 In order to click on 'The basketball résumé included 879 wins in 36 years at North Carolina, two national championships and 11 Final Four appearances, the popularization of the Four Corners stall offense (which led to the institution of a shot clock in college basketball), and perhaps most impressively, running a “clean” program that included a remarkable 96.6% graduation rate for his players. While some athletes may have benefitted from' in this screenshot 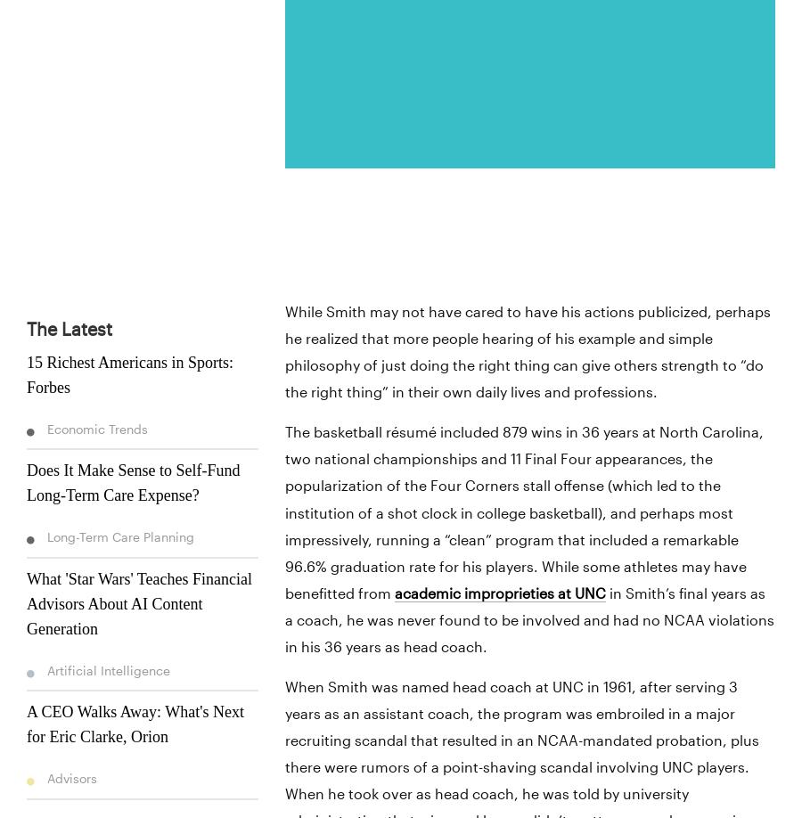, I will do `click(523, 511)`.